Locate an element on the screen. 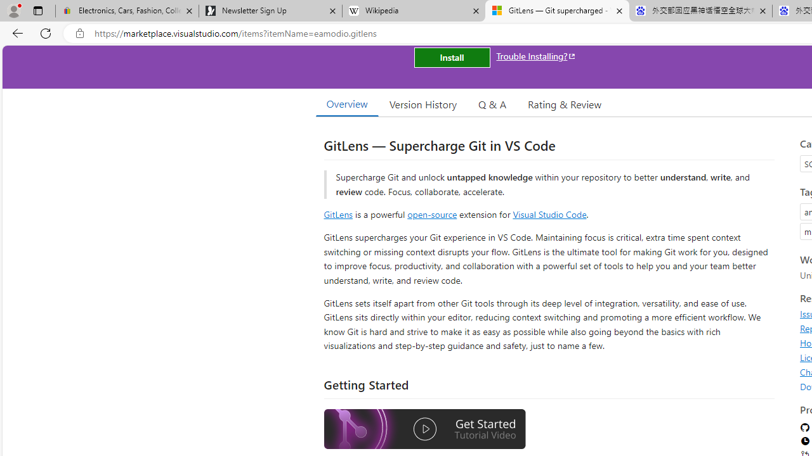 This screenshot has width=812, height=456. 'Version History' is located at coordinates (423, 103).